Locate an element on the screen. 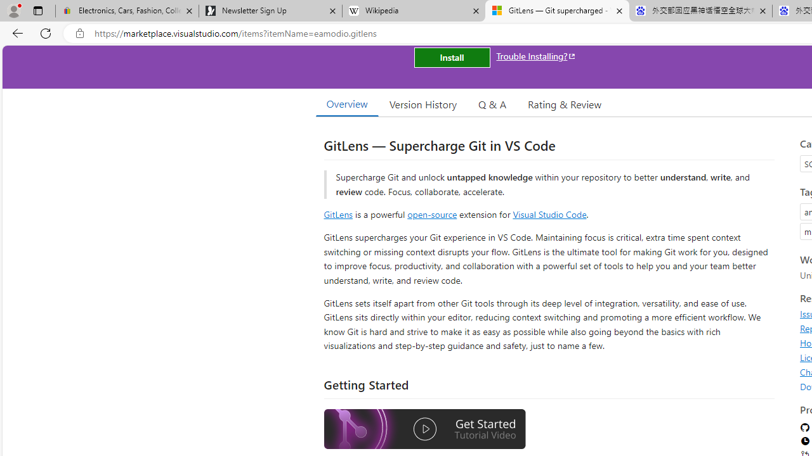 This screenshot has width=812, height=456. 'Version History' is located at coordinates (423, 103).